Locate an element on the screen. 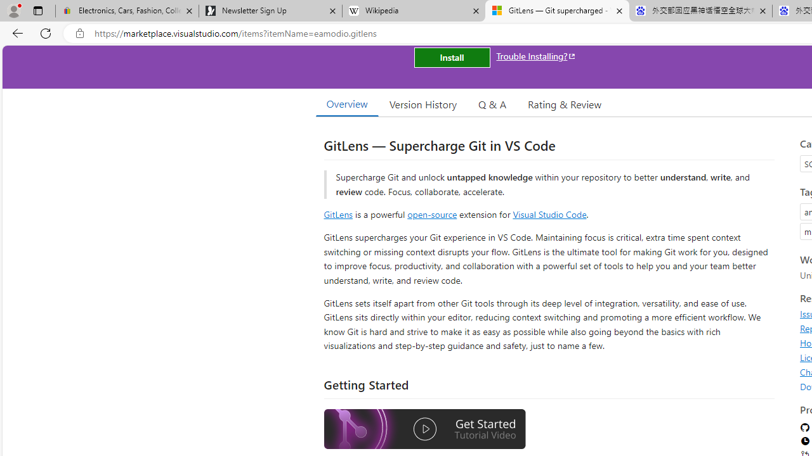 This screenshot has width=812, height=456. 'Version History' is located at coordinates (423, 103).